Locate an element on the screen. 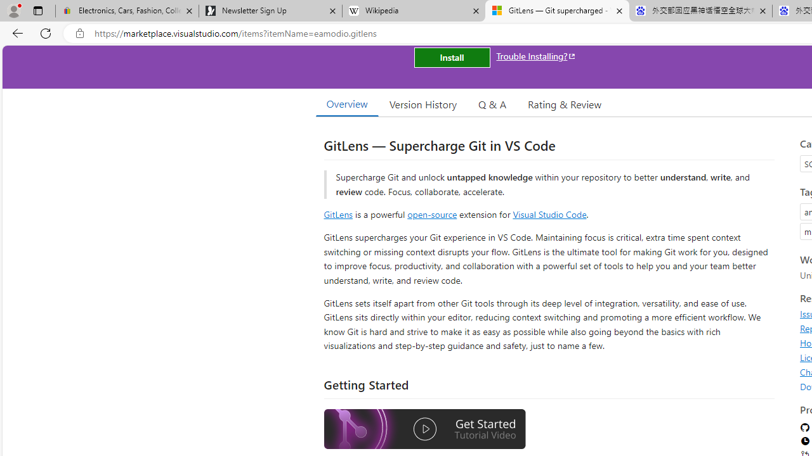 This screenshot has width=812, height=456. 'Version History' is located at coordinates (423, 103).